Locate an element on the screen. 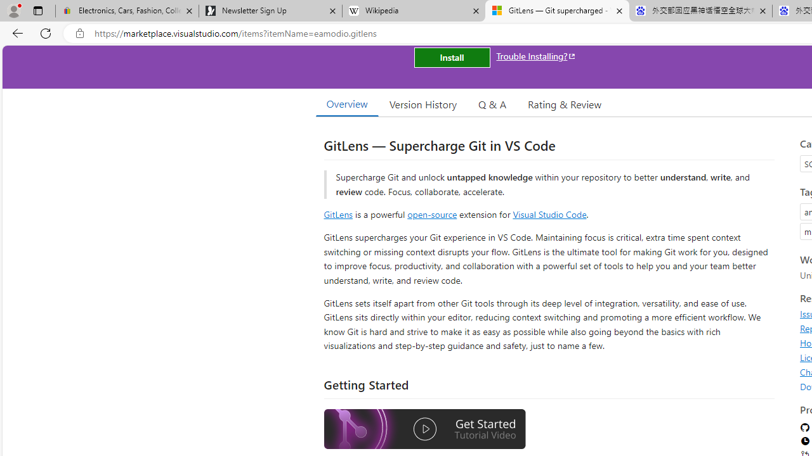 This screenshot has width=812, height=456. 'Version History' is located at coordinates (423, 103).